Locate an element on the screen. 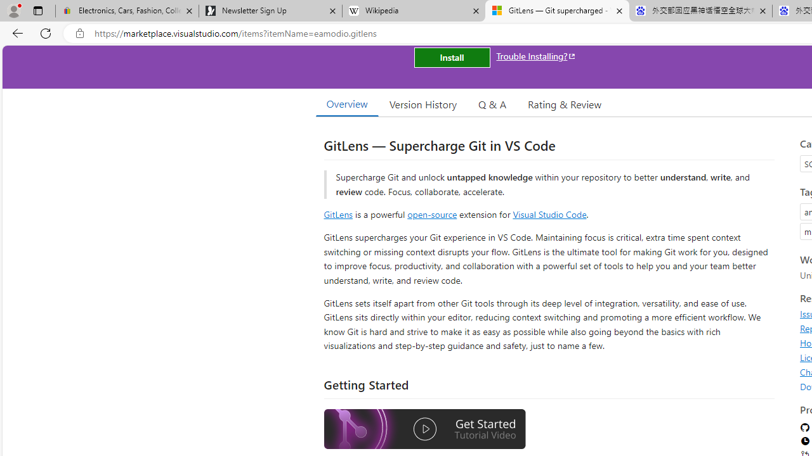 This screenshot has width=812, height=456. 'Version History' is located at coordinates (423, 103).